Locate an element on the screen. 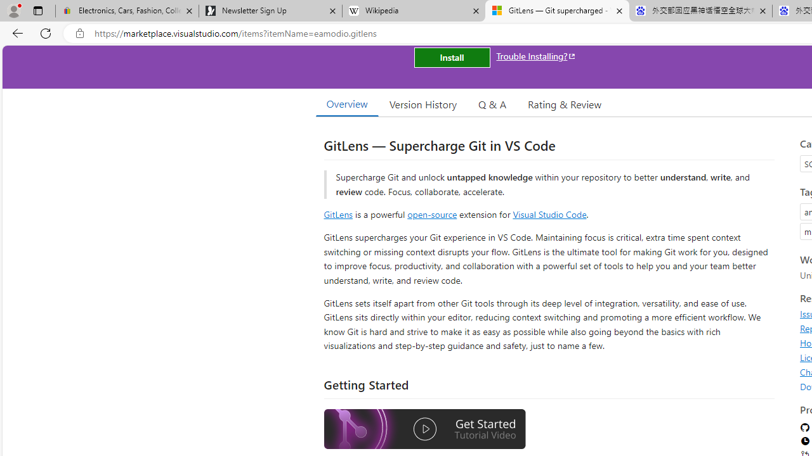 This screenshot has width=812, height=456. 'Version History' is located at coordinates (423, 103).